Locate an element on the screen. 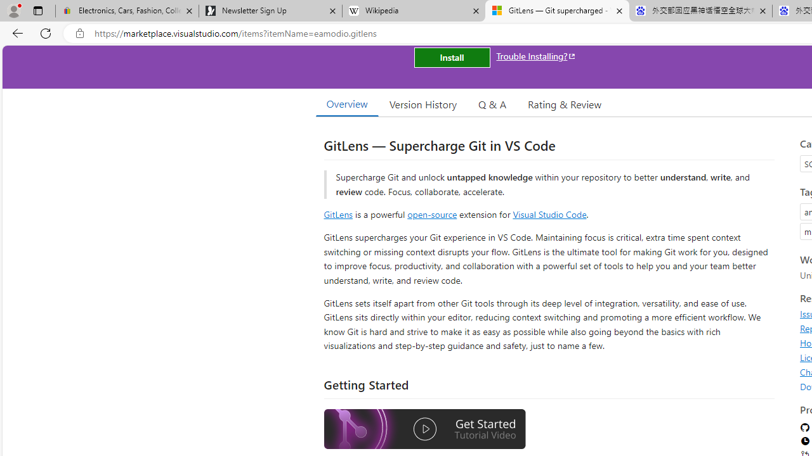 This screenshot has width=812, height=456. 'Version History' is located at coordinates (423, 103).